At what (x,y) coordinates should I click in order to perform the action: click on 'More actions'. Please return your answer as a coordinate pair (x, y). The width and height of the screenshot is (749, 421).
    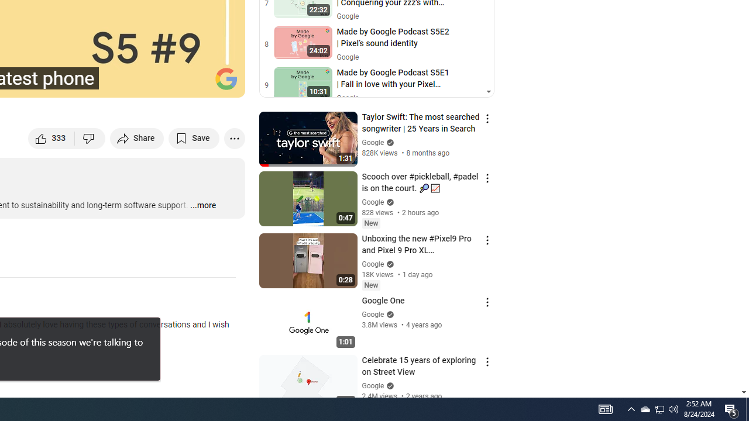
    Looking at the image, I should click on (234, 137).